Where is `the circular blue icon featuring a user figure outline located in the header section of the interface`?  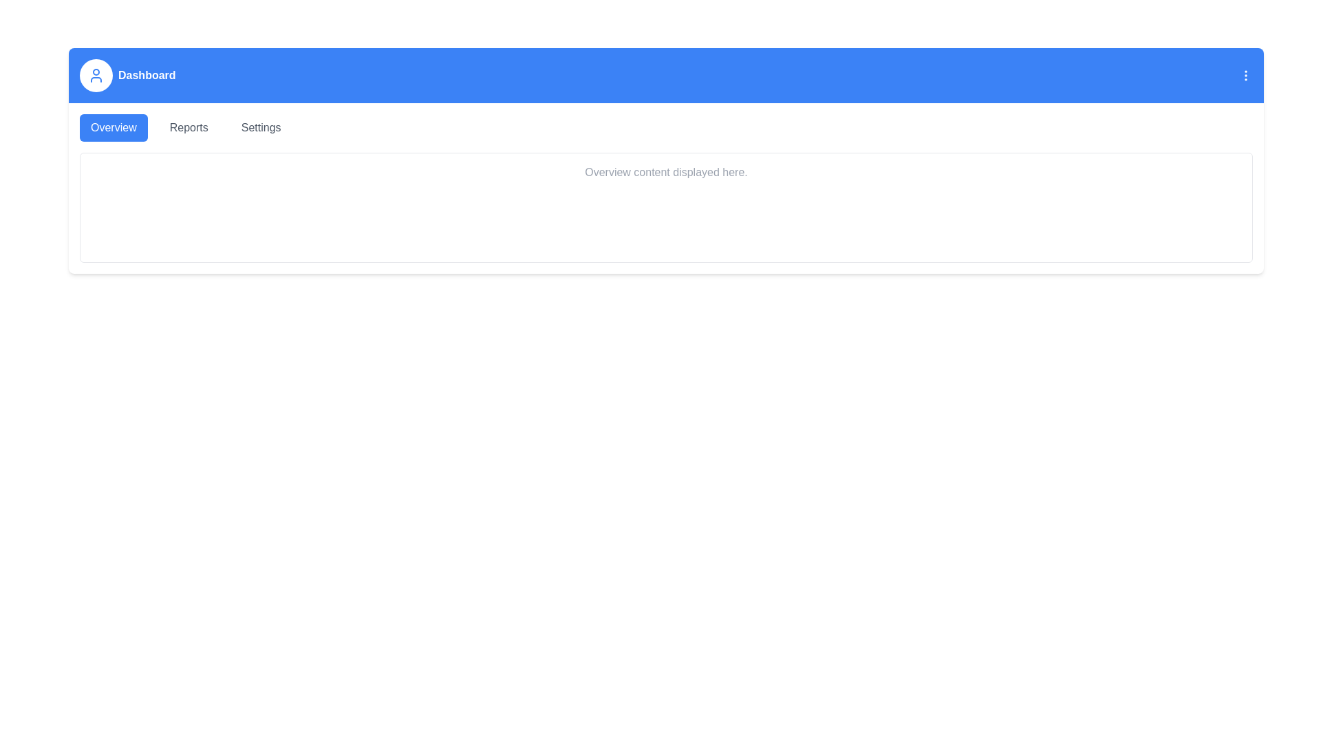
the circular blue icon featuring a user figure outline located in the header section of the interface is located at coordinates (95, 76).